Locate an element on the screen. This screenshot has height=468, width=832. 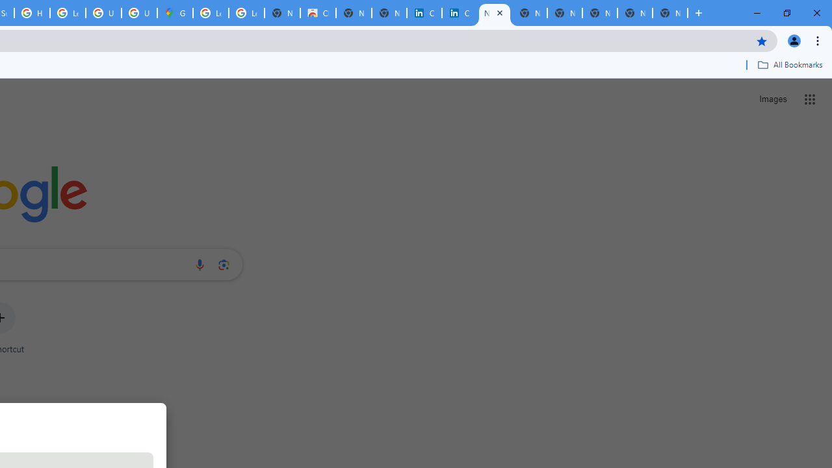
'All Bookmarks' is located at coordinates (789, 64).